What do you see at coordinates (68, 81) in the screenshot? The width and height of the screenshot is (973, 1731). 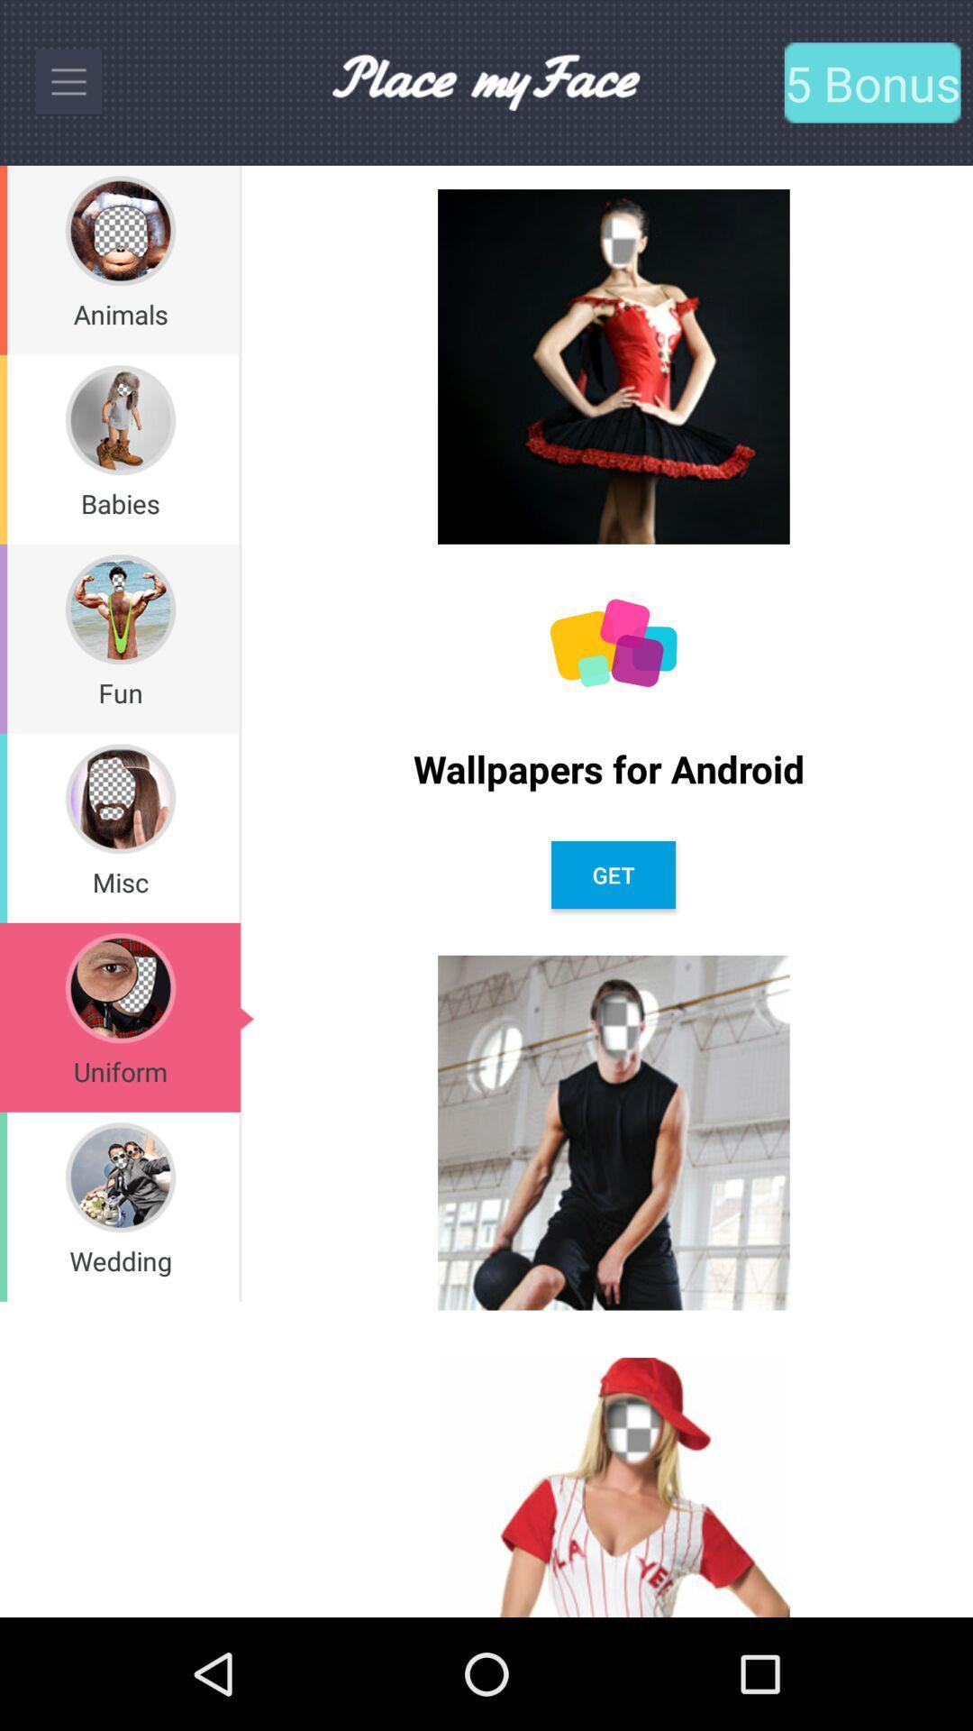 I see `to options switch to menu` at bounding box center [68, 81].